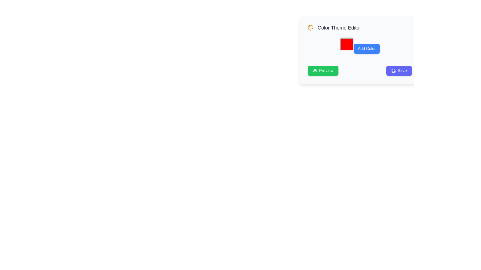 This screenshot has height=270, width=481. Describe the element at coordinates (399, 70) in the screenshot. I see `the 'Save' button, which is a rectangular button with rounded corners and a blue background` at that location.